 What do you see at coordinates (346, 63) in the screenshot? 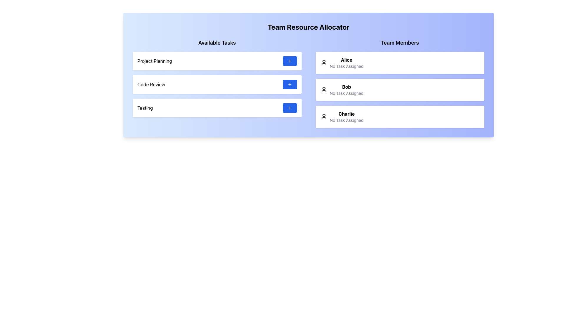
I see `the Label with the bold 'Alice' text that indicates 'No Task Assigned' below it, located in the topmost block under the 'Team Members' column on the right side of the interface` at bounding box center [346, 63].